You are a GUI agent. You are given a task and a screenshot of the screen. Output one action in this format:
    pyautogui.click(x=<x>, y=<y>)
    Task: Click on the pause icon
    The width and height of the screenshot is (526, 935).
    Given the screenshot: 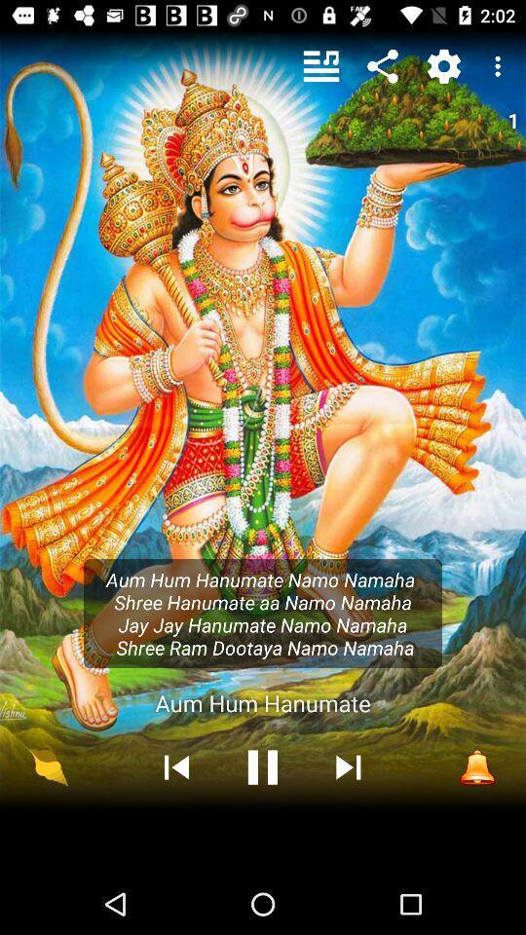 What is the action you would take?
    pyautogui.click(x=263, y=767)
    